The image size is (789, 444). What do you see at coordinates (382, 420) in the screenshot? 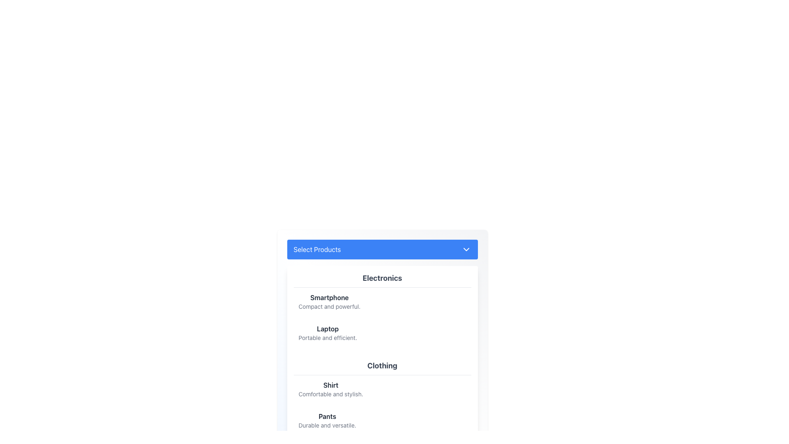
I see `the second list item displaying the title 'Pants'` at bounding box center [382, 420].